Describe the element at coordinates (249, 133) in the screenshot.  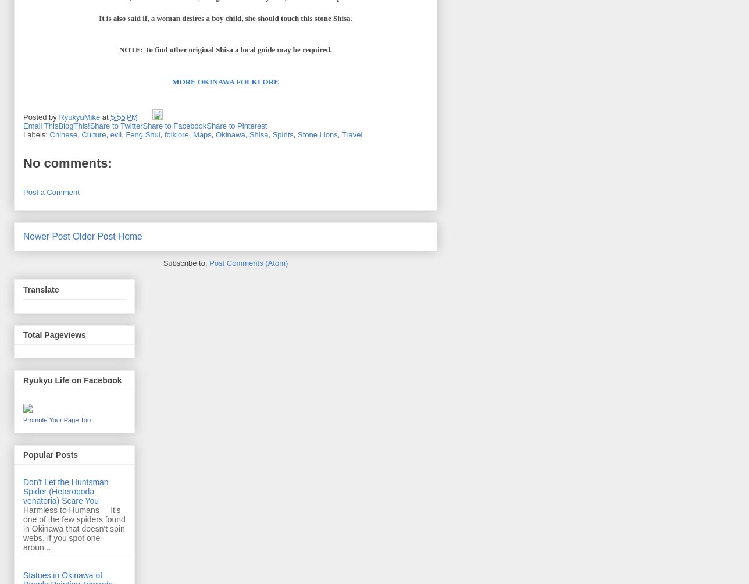
I see `'Shisa'` at that location.